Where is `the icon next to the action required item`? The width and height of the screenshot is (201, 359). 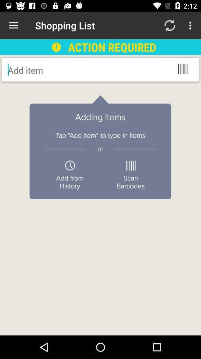 the icon next to the action required item is located at coordinates (169, 25).